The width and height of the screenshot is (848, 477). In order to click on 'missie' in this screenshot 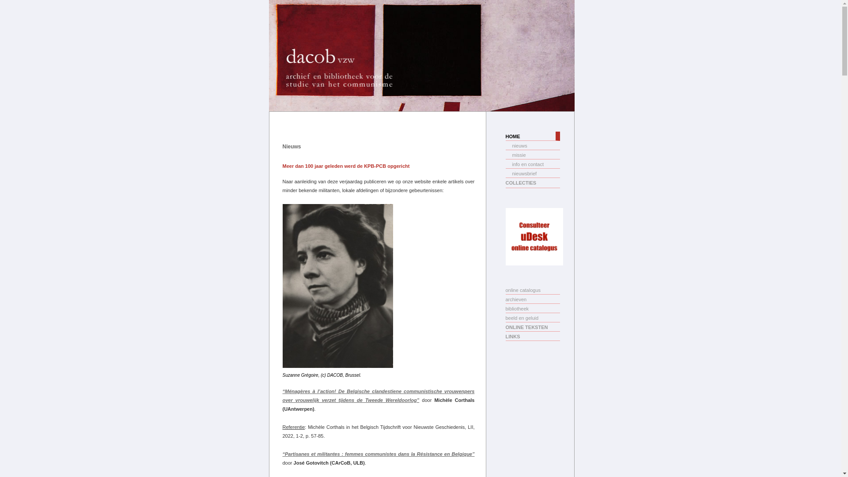, I will do `click(532, 154)`.